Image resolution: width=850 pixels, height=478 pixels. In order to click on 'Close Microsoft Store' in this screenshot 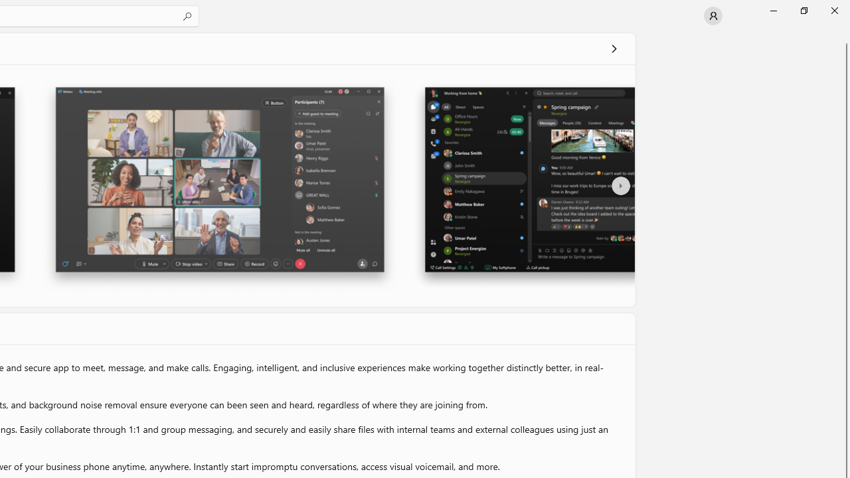, I will do `click(833, 10)`.